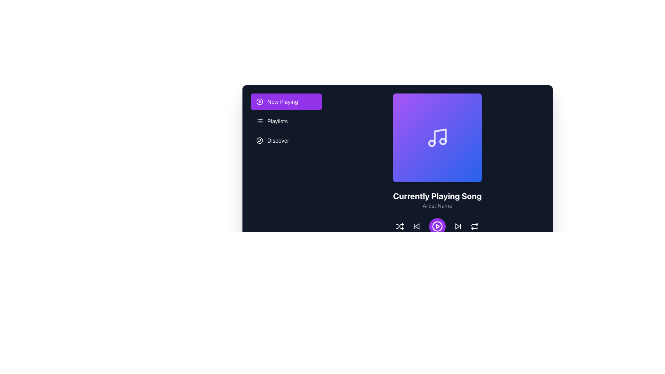  Describe the element at coordinates (259, 101) in the screenshot. I see `the status of the play action icon located to the left of the 'Now Playing' text, which is inside a purple rectangular button at the top left of the interface` at that location.